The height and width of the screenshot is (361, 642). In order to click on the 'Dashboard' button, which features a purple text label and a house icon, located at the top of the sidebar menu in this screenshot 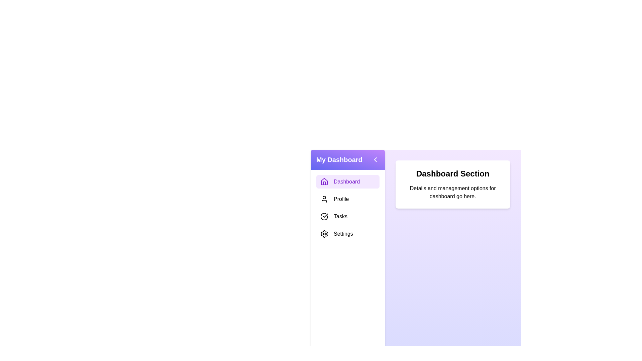, I will do `click(348, 182)`.